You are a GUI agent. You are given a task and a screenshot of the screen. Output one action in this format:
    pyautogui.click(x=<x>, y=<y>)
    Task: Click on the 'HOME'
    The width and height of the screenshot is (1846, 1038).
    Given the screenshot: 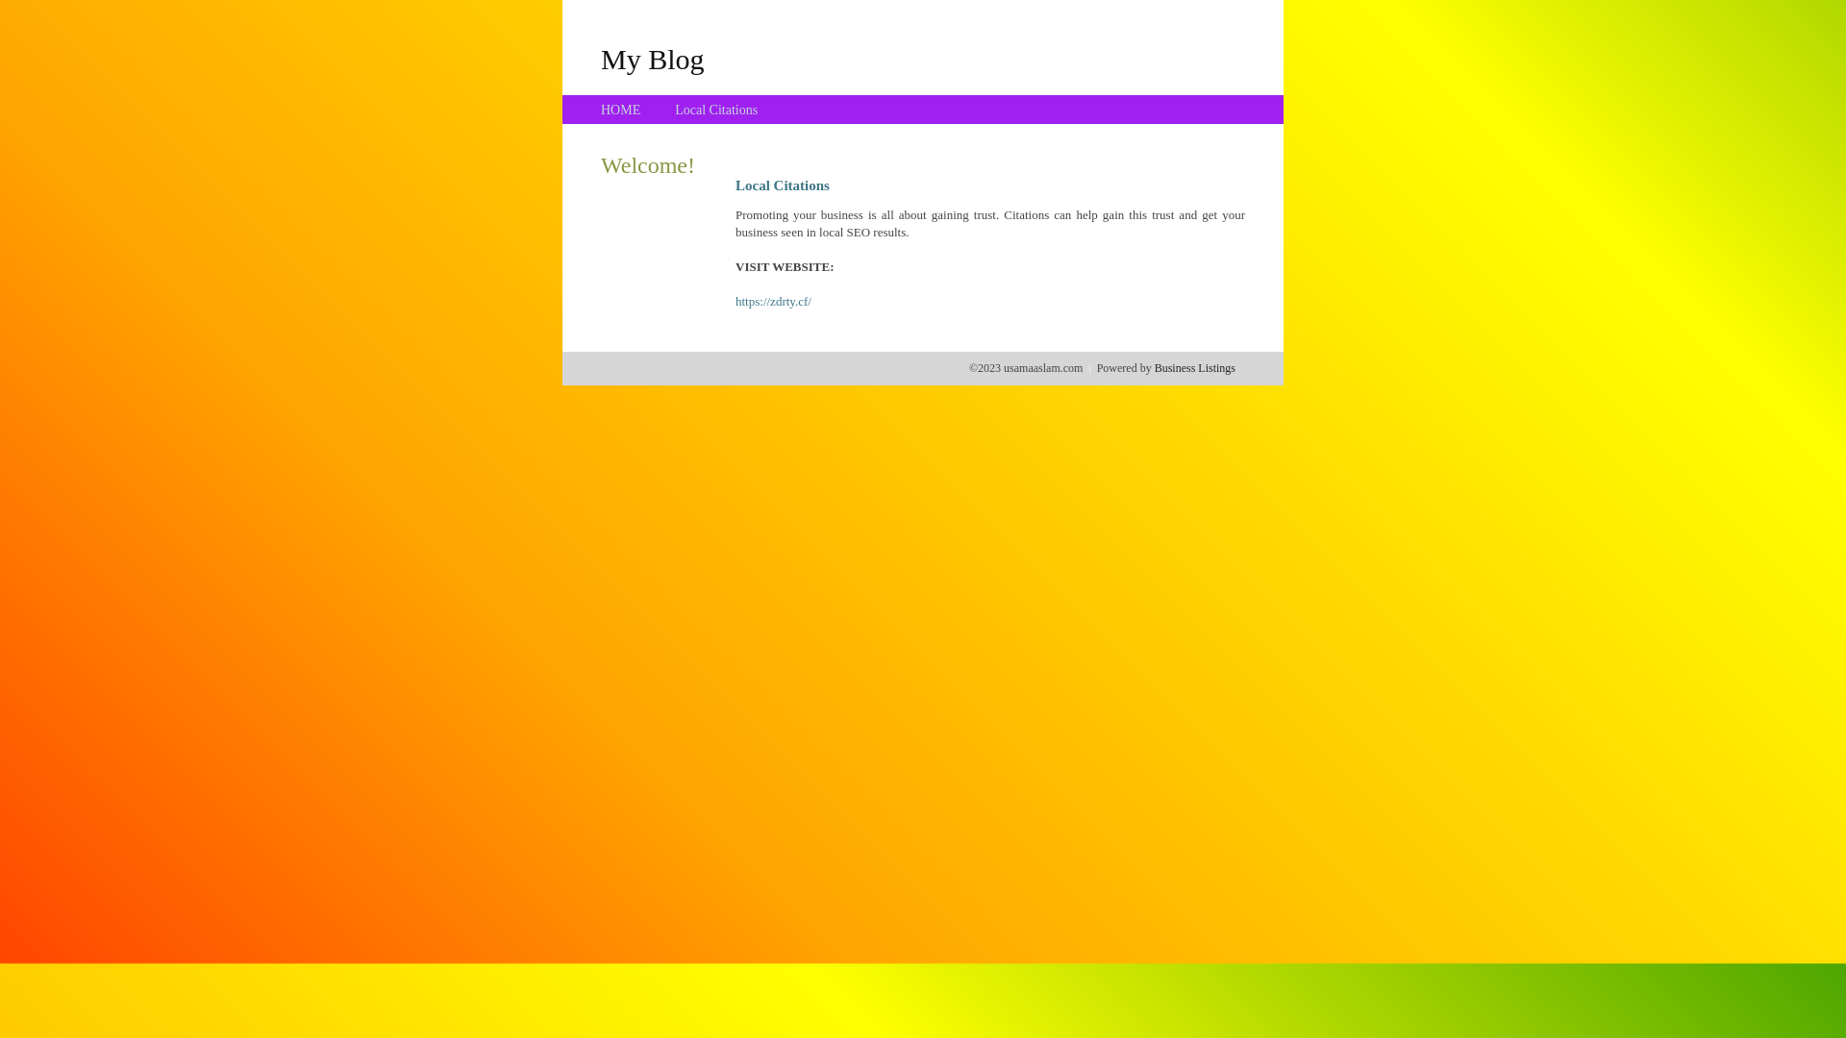 What is the action you would take?
    pyautogui.click(x=620, y=110)
    